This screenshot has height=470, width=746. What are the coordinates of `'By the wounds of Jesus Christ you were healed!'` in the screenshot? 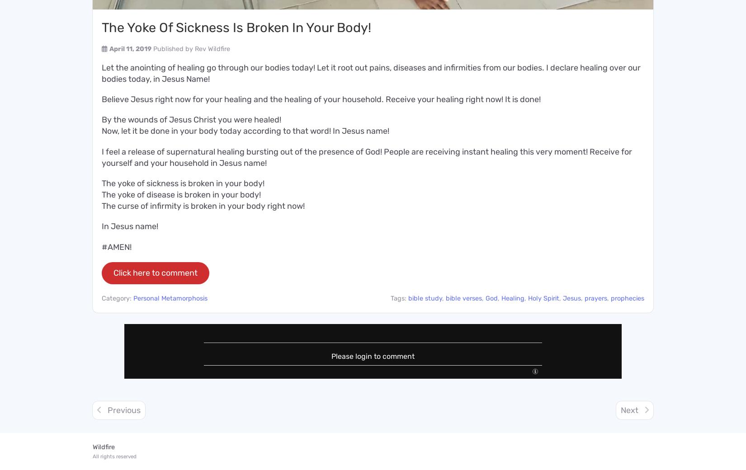 It's located at (102, 119).